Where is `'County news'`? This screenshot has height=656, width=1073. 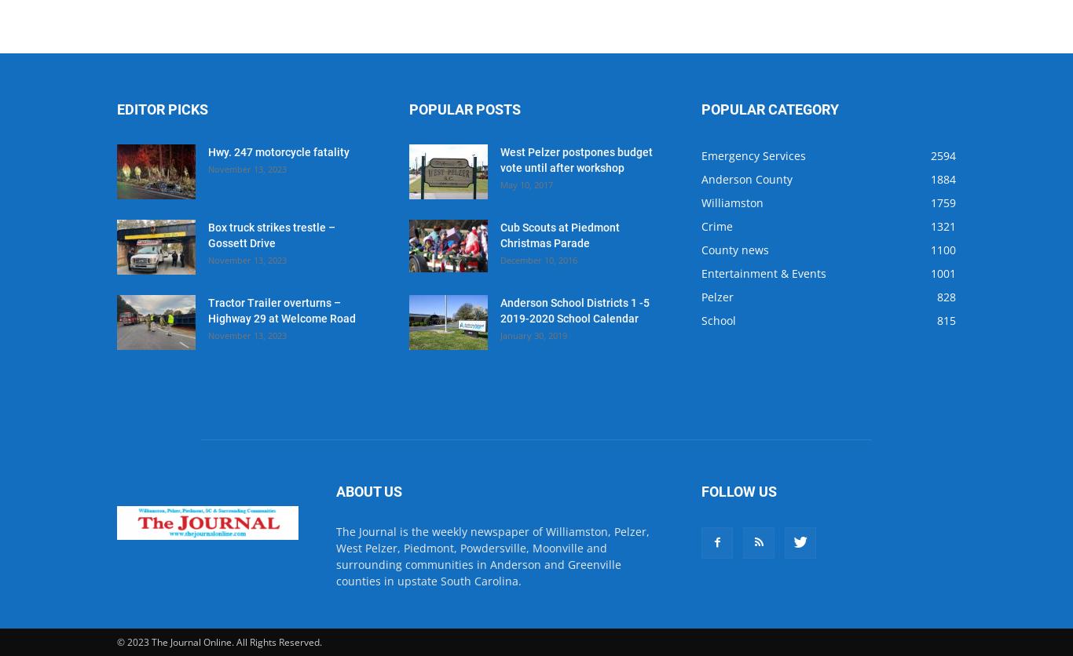 'County news' is located at coordinates (734, 249).